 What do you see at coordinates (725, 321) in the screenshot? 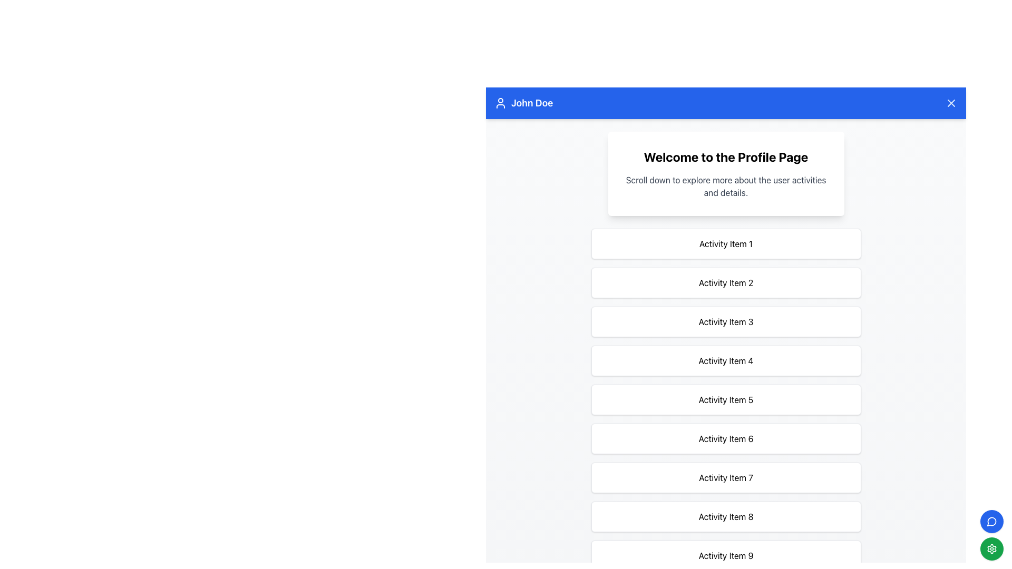
I see `text displayed on the Text Card labeled 'Activity Item 3', which is a rectangular white card with rounded corners and a thin gray border, located centrally in the list of items` at bounding box center [725, 321].